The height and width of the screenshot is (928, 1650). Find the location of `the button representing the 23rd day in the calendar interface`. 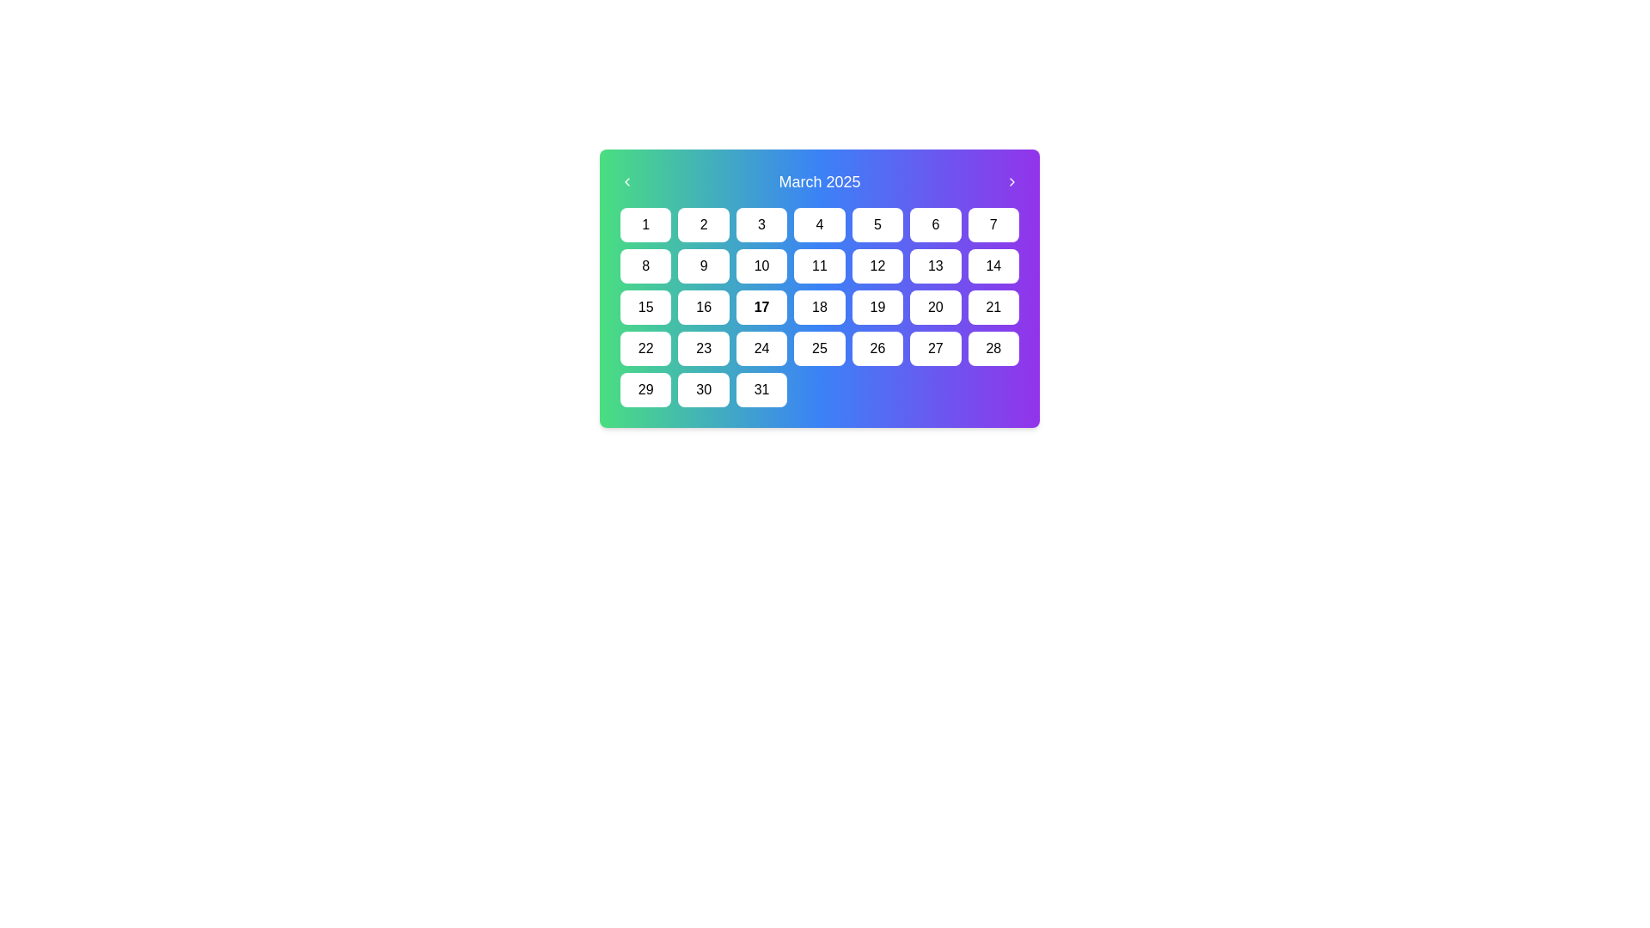

the button representing the 23rd day in the calendar interface is located at coordinates (704, 348).